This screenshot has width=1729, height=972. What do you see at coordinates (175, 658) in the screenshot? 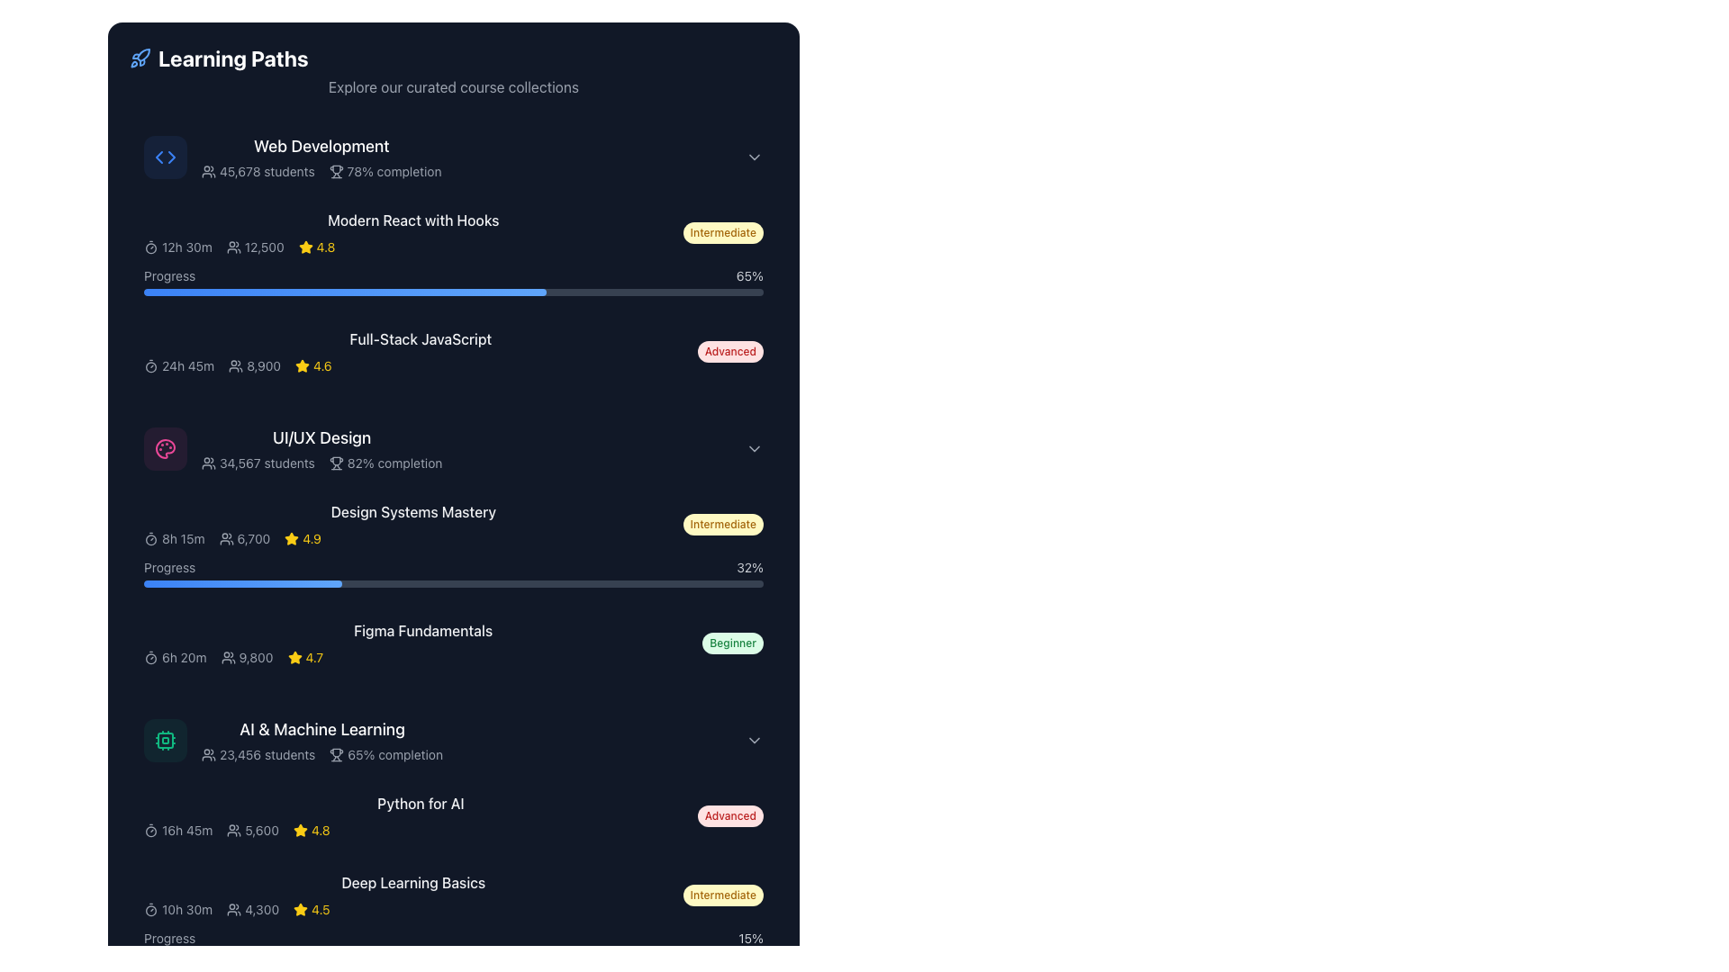
I see `the time duration element '6h 20m' with the stopwatch icon in the 'Figma Fundamentals' section of the learning paths list` at bounding box center [175, 658].